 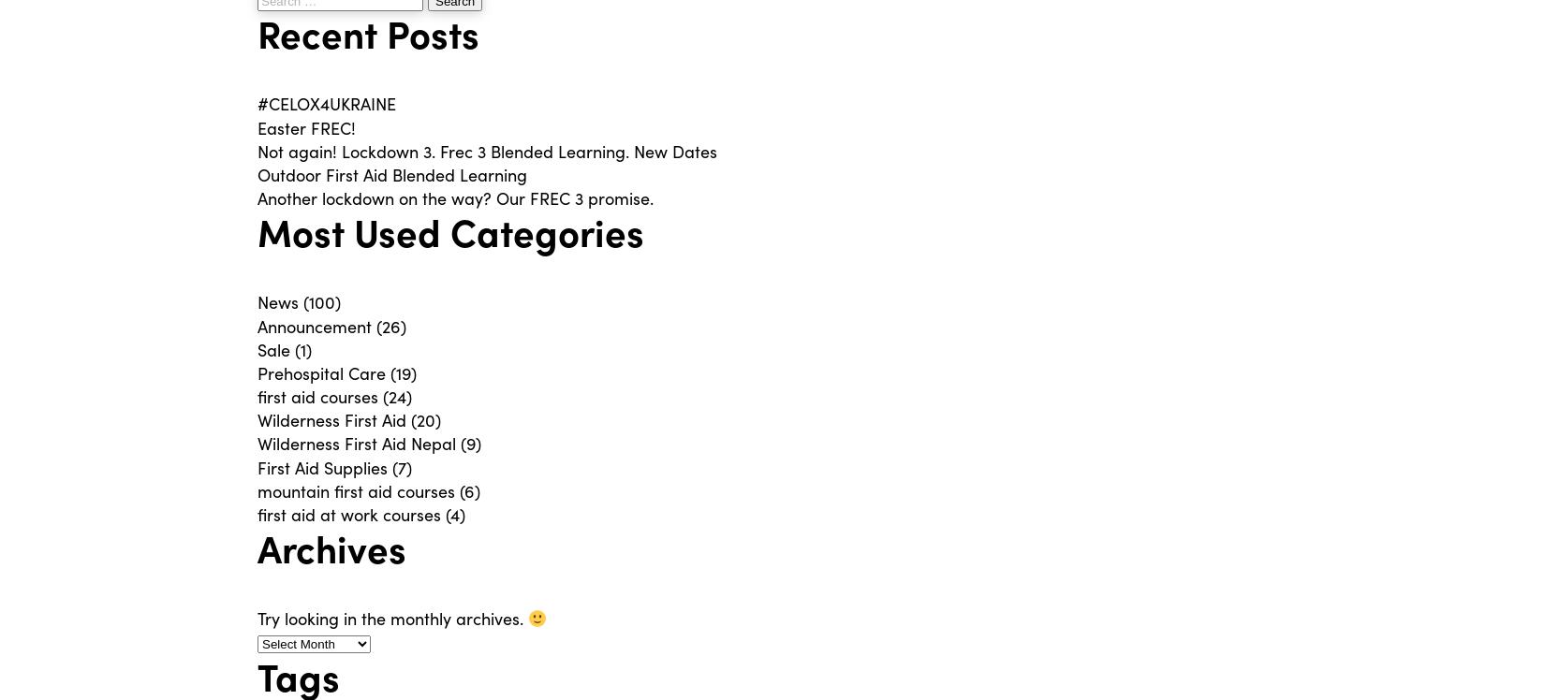 I want to click on 'first aid courses', so click(x=257, y=395).